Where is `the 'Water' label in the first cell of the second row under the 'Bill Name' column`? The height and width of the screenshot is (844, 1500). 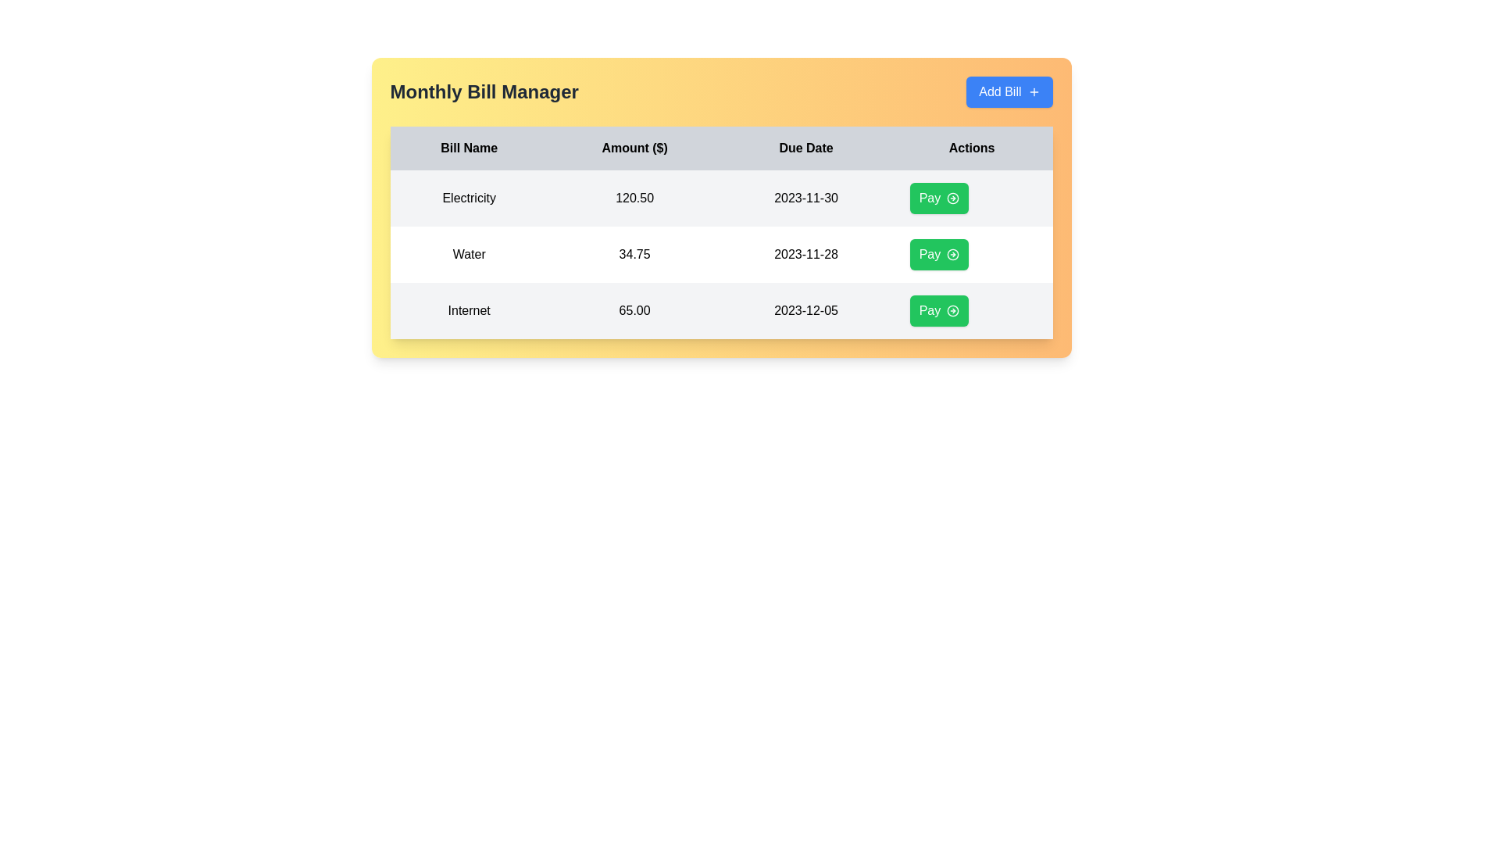 the 'Water' label in the first cell of the second row under the 'Bill Name' column is located at coordinates (468, 254).